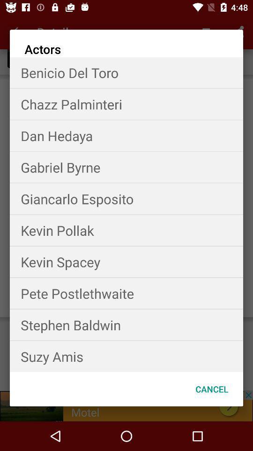  I want to click on item above the    kevin spacey item, so click(126, 230).